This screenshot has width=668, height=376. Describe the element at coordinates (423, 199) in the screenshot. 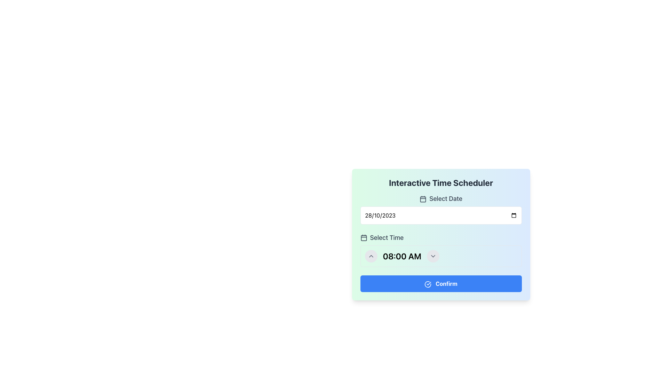

I see `the calendar icon located to the immediate left of the 'Select Date' label within the 'Select Date' form component` at that location.